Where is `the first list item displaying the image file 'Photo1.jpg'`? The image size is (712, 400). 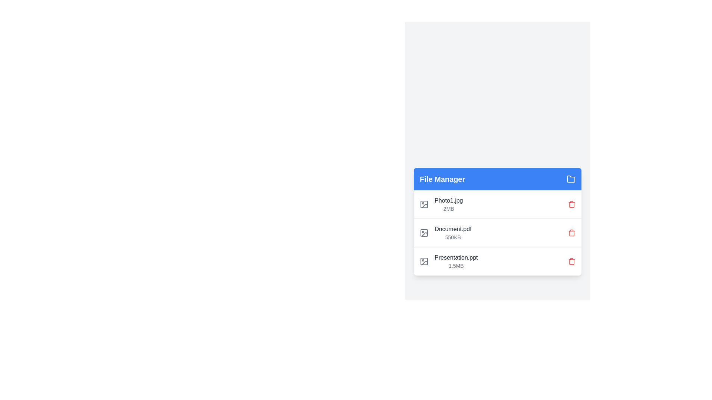
the first list item displaying the image file 'Photo1.jpg' is located at coordinates (441, 204).